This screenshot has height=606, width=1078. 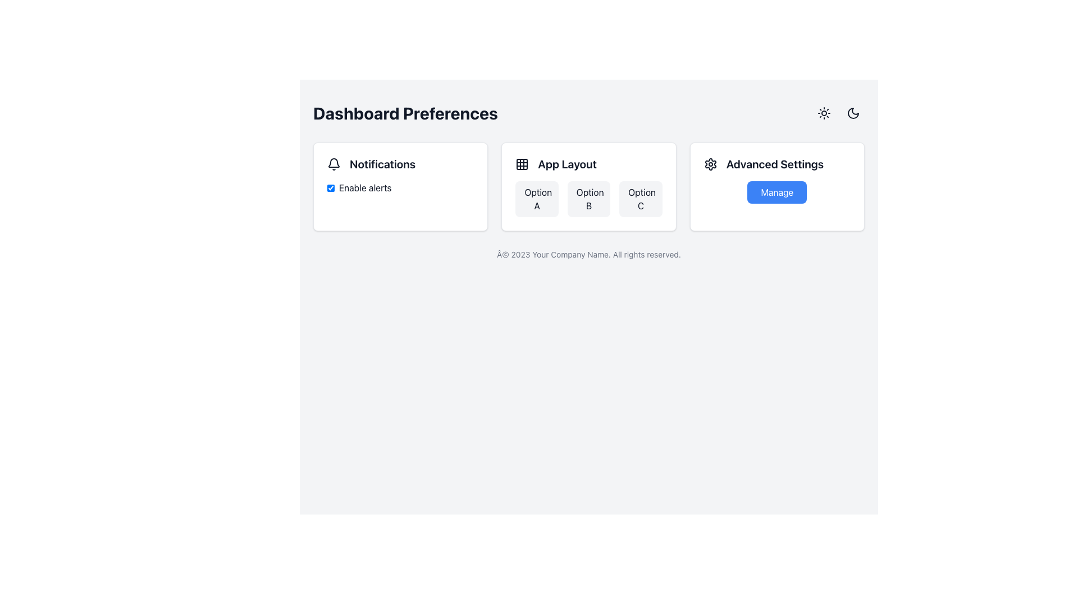 I want to click on the footer text label that reads '© 2023 Your Company Name. All rights reserved.', which is styled in small light gray font and centered at the bottom of the interface, so click(x=588, y=255).